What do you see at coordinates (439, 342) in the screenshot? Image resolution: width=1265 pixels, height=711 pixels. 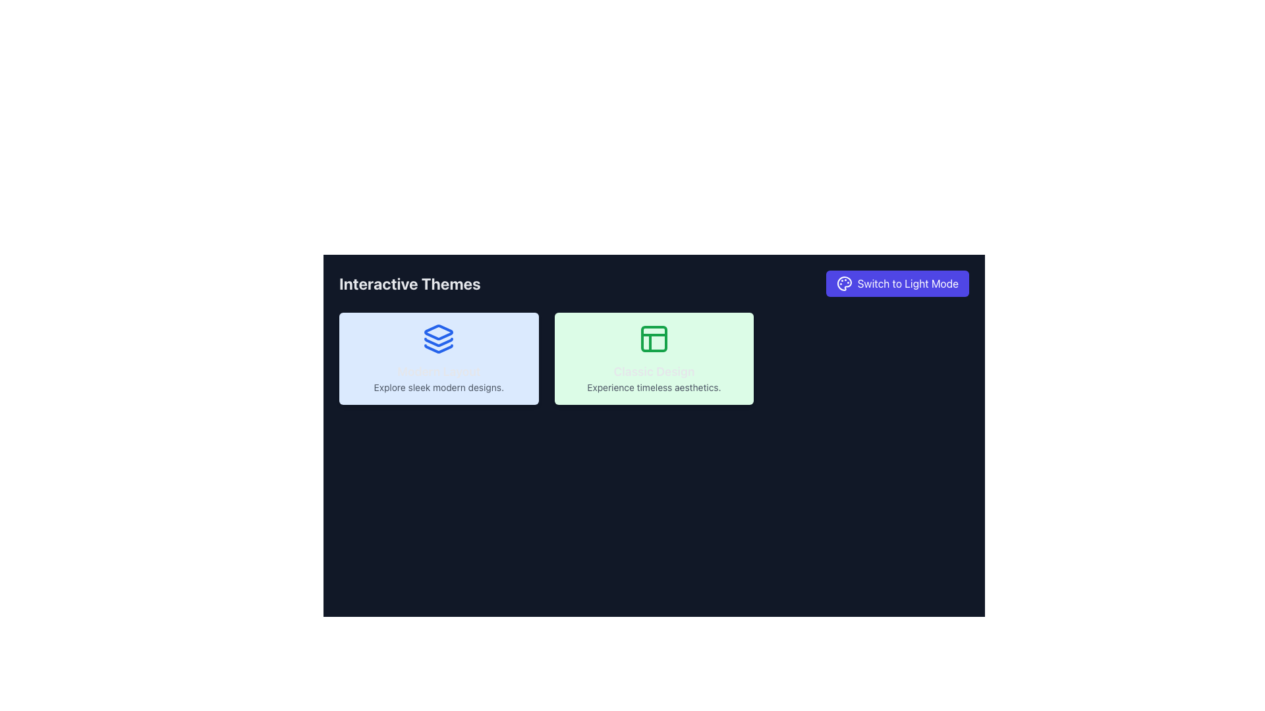 I see `the middle segment of the stack-like illustration with a blue outline in the 'Modern Layout' card under 'Interactive Themes'` at bounding box center [439, 342].